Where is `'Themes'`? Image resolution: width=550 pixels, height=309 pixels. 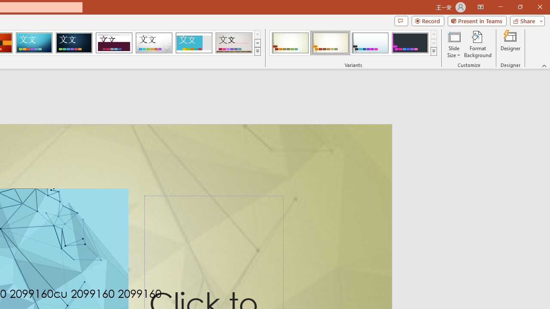
'Themes' is located at coordinates (257, 51).